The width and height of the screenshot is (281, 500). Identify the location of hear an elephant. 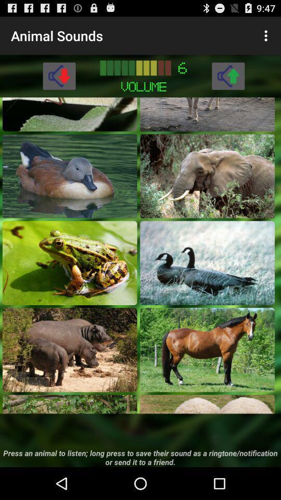
(207, 176).